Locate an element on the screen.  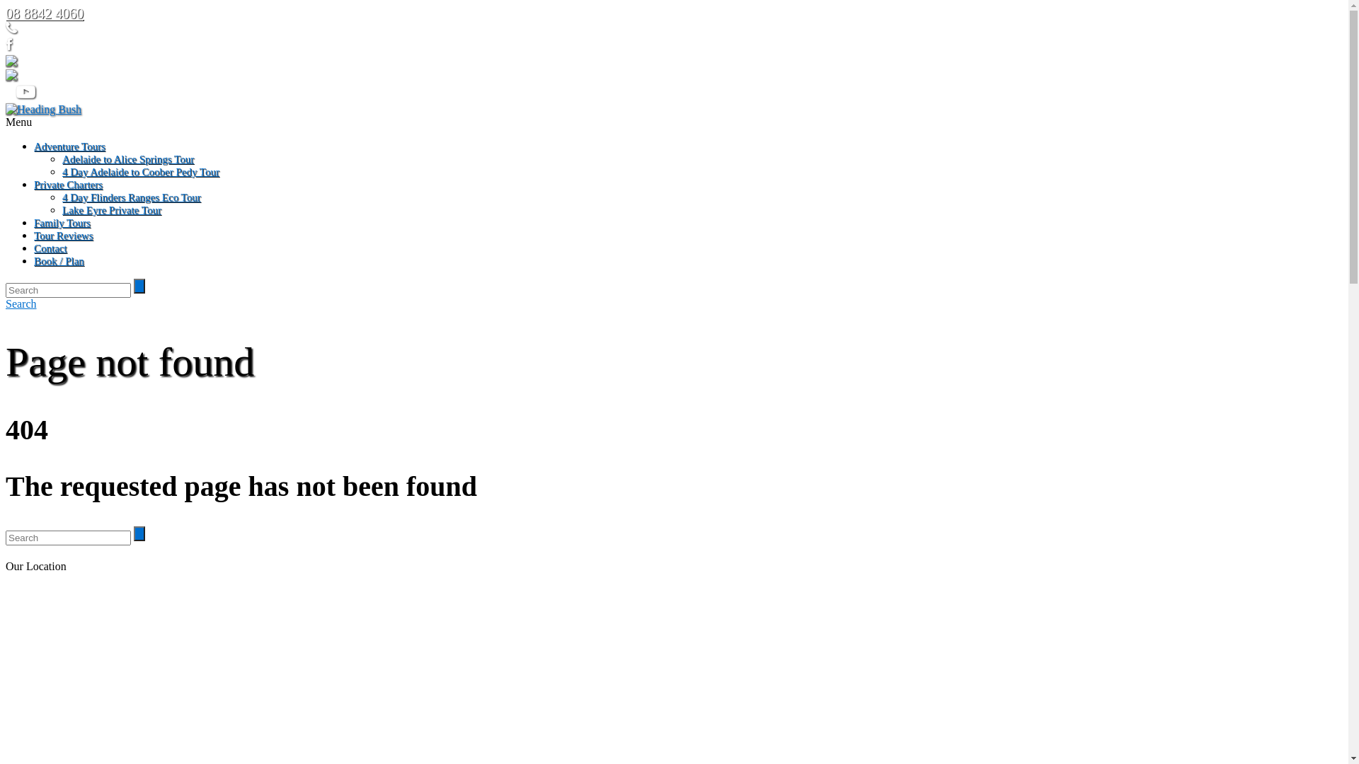
'Tour Reviews' is located at coordinates (63, 234).